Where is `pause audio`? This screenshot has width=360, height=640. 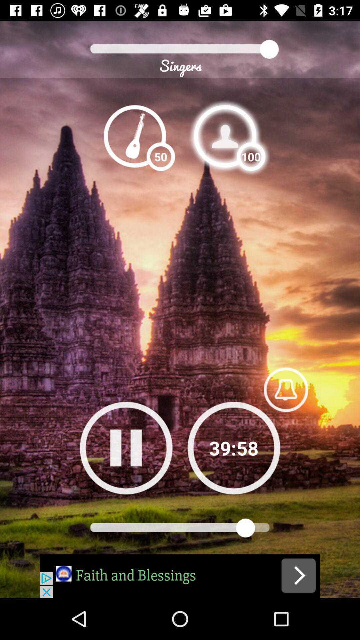
pause audio is located at coordinates (126, 448).